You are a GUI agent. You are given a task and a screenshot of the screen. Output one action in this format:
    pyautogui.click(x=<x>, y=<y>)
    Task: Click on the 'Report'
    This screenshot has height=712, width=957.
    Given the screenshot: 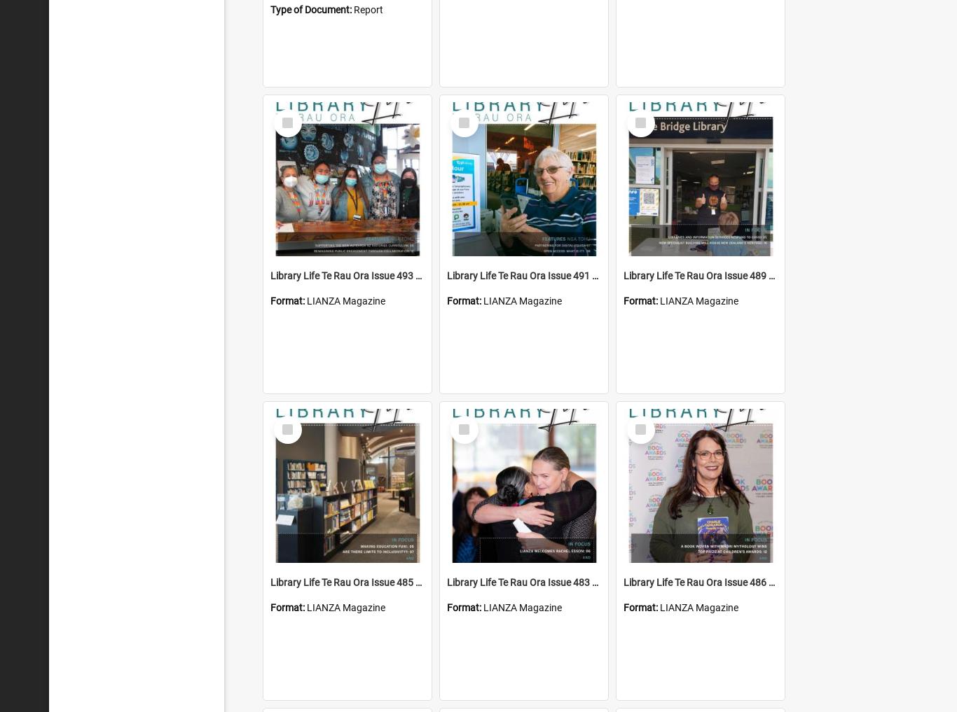 What is the action you would take?
    pyautogui.click(x=369, y=9)
    